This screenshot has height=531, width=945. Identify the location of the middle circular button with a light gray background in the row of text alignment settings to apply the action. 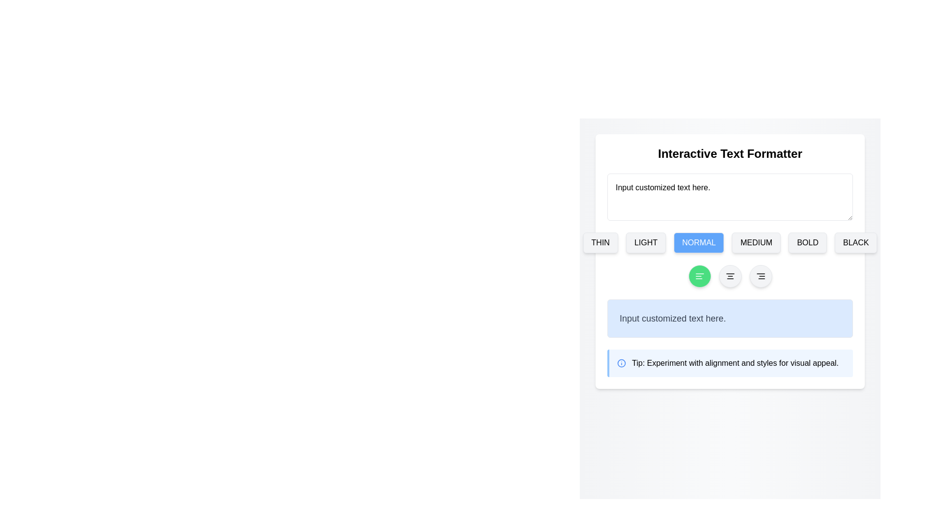
(730, 276).